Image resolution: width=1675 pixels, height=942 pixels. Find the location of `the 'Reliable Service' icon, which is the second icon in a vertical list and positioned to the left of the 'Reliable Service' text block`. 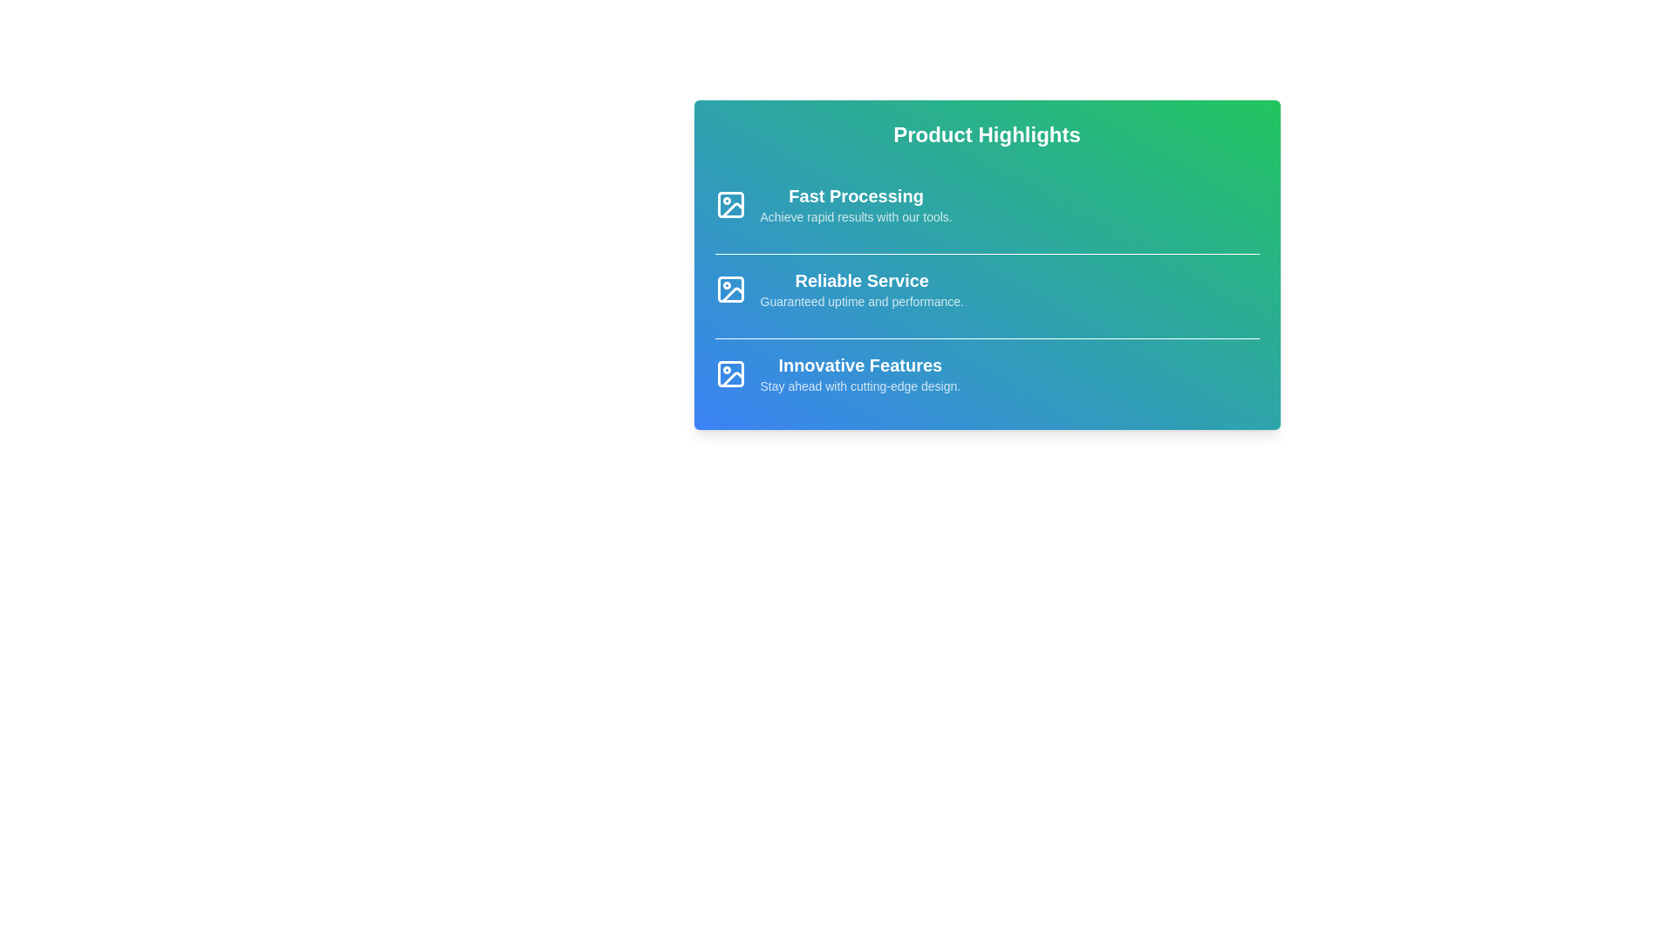

the 'Reliable Service' icon, which is the second icon in a vertical list and positioned to the left of the 'Reliable Service' text block is located at coordinates (730, 288).